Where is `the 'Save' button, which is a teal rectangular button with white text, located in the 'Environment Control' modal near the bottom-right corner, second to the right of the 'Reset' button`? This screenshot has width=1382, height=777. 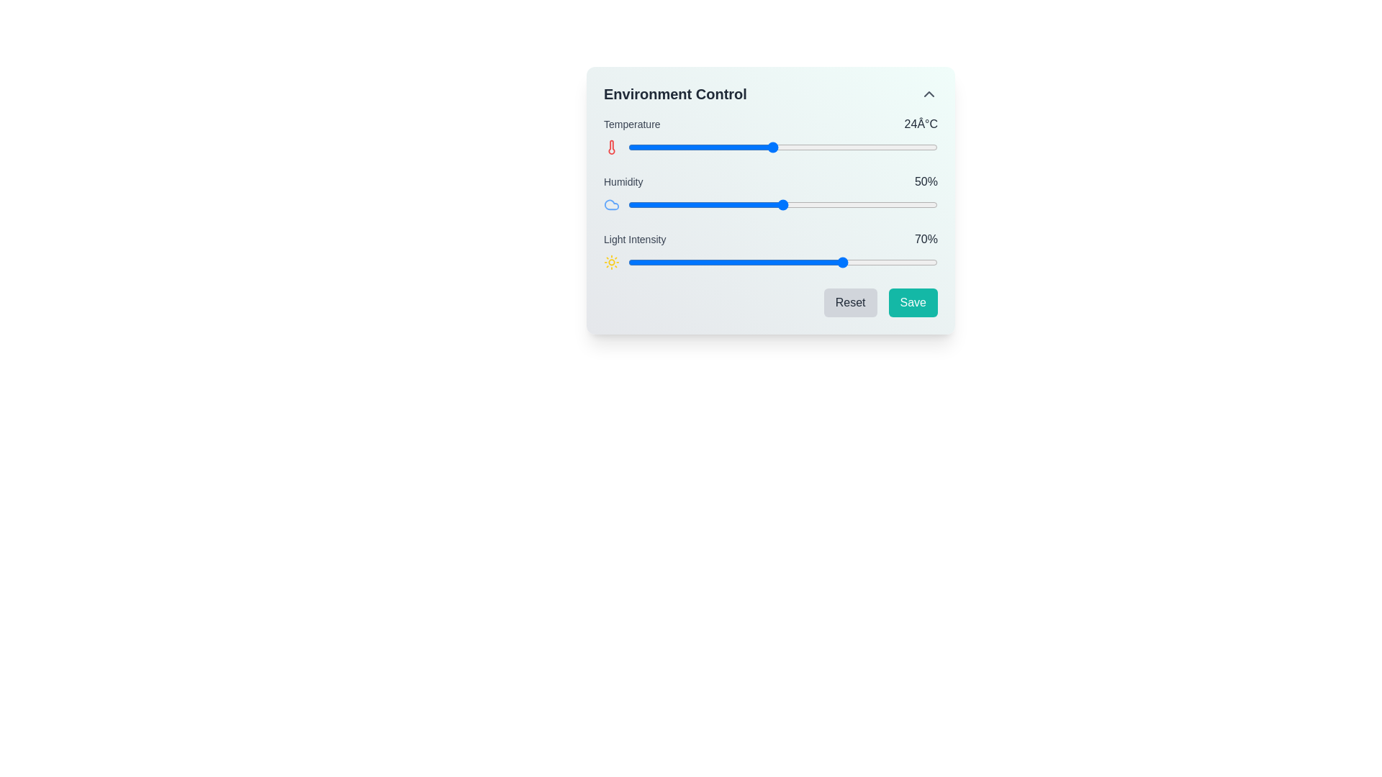 the 'Save' button, which is a teal rectangular button with white text, located in the 'Environment Control' modal near the bottom-right corner, second to the right of the 'Reset' button is located at coordinates (912, 301).